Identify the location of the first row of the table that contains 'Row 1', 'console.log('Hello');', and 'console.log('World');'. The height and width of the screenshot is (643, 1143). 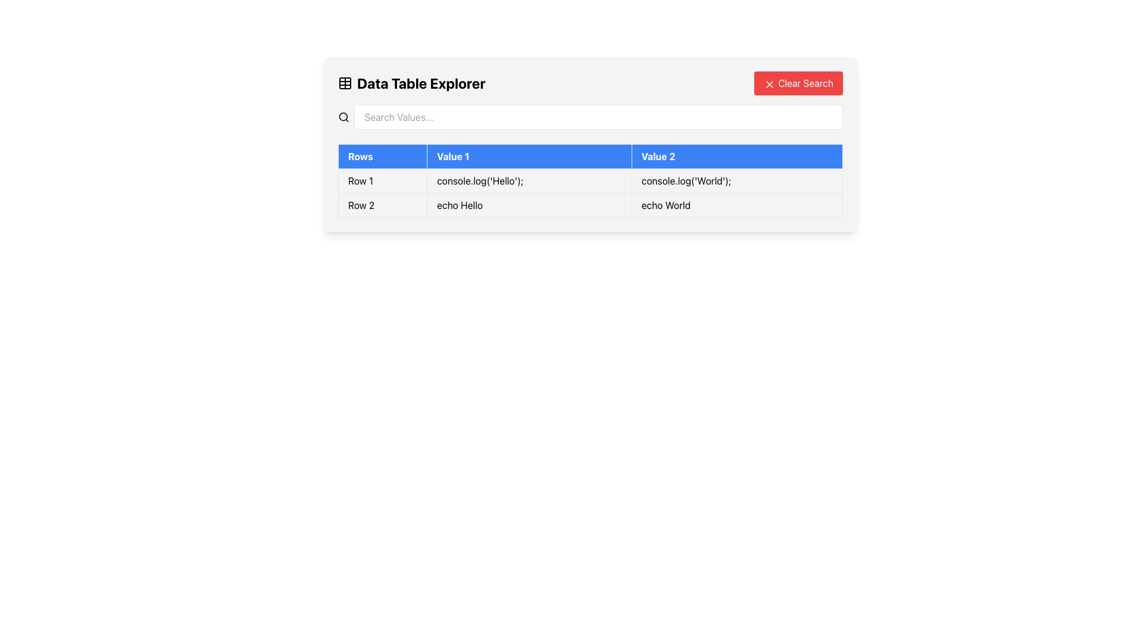
(591, 181).